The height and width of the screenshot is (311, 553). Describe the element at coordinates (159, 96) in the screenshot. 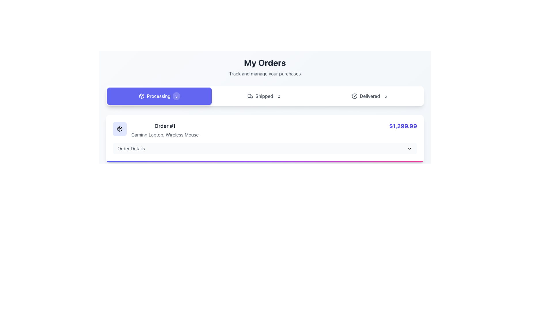

I see `the first button in the horizontally aligned group near the top center of the interface` at that location.